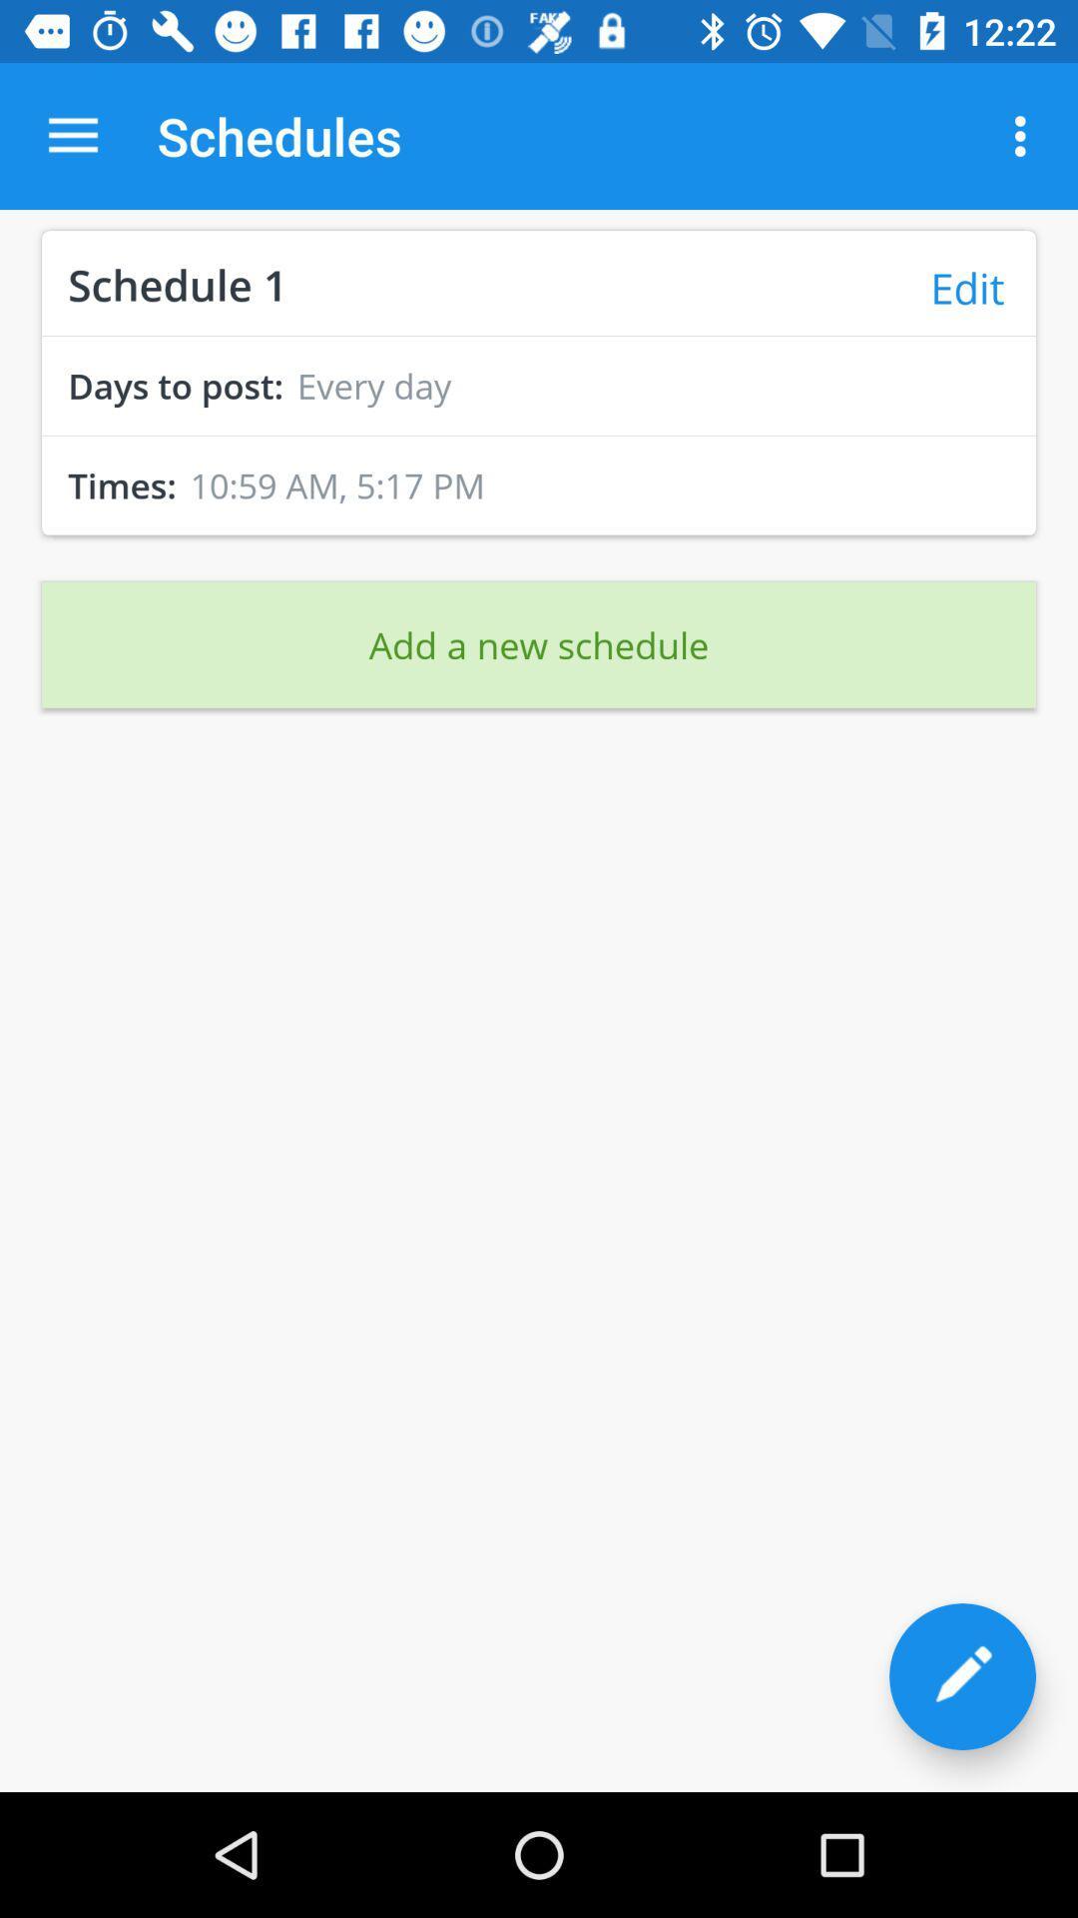 The width and height of the screenshot is (1078, 1918). I want to click on the item to the left of the schedules icon, so click(72, 135).